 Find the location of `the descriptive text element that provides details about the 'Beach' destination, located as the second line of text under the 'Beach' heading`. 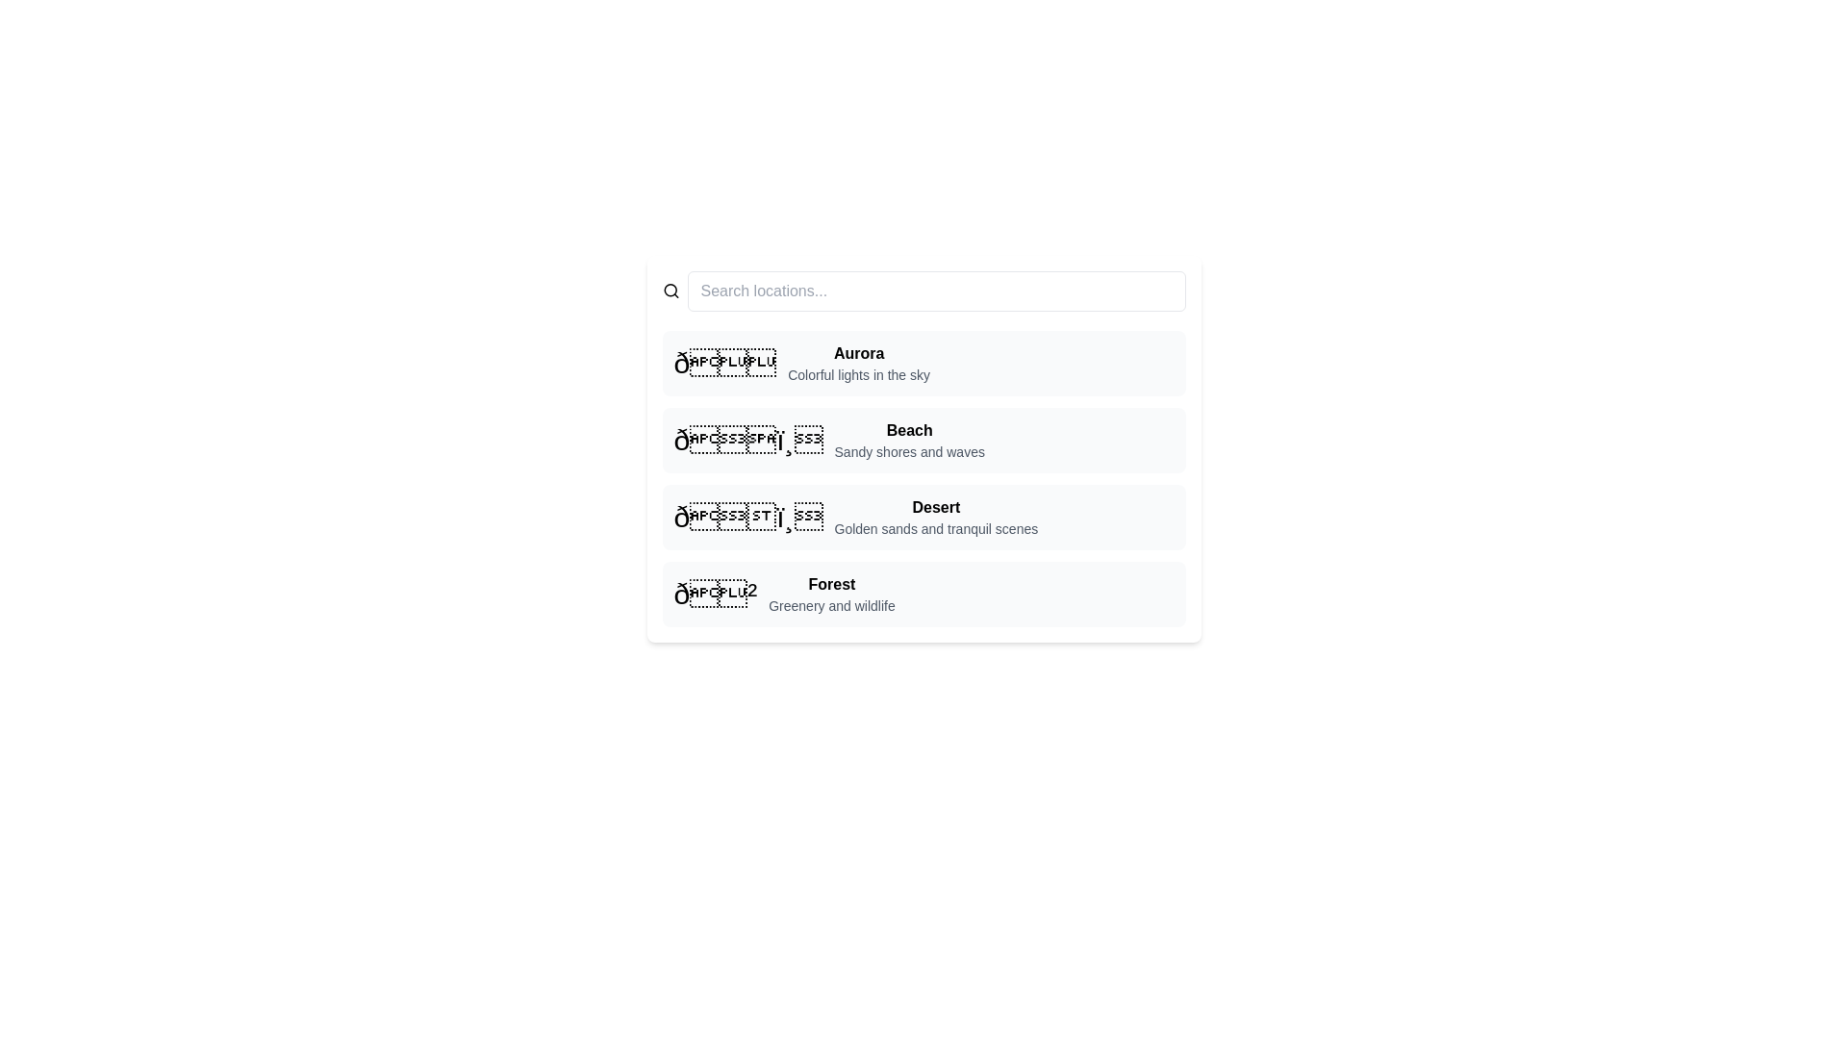

the descriptive text element that provides details about the 'Beach' destination, located as the second line of text under the 'Beach' heading is located at coordinates (908, 452).